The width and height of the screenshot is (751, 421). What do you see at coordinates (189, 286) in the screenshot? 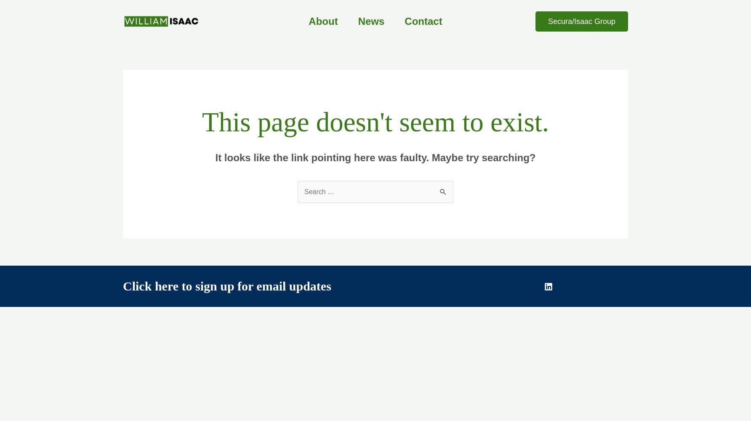
I see `'o'` at bounding box center [189, 286].